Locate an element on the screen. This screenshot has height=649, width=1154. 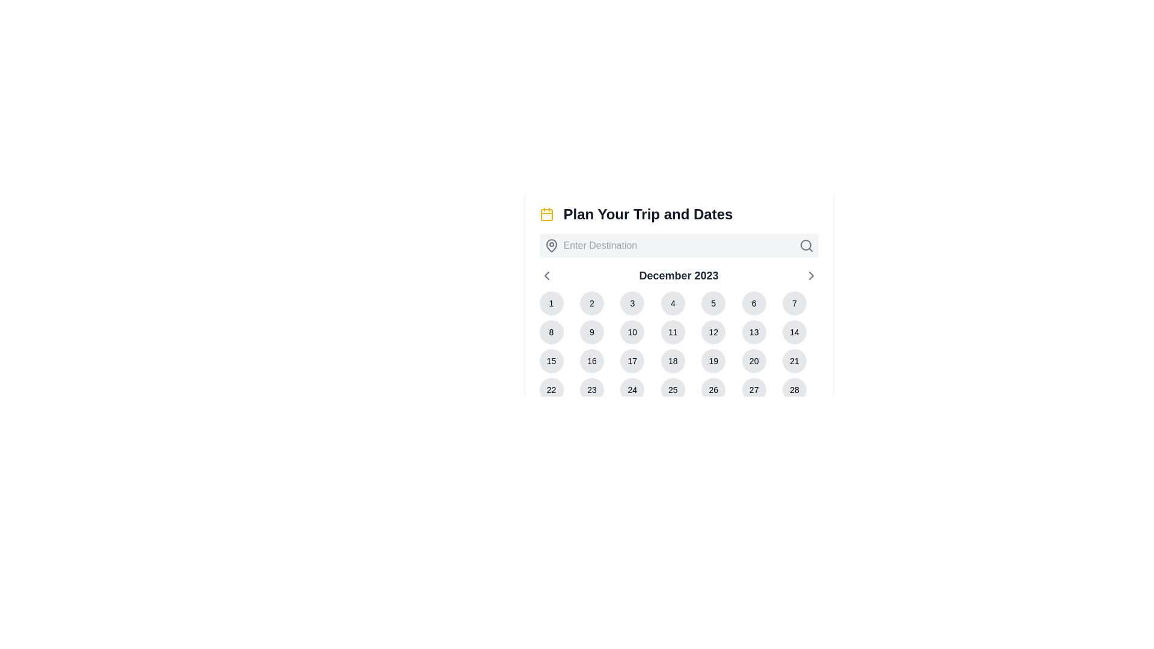
the clickable search icon located to the right of the 'Enter Destination' text input field is located at coordinates (806, 245).